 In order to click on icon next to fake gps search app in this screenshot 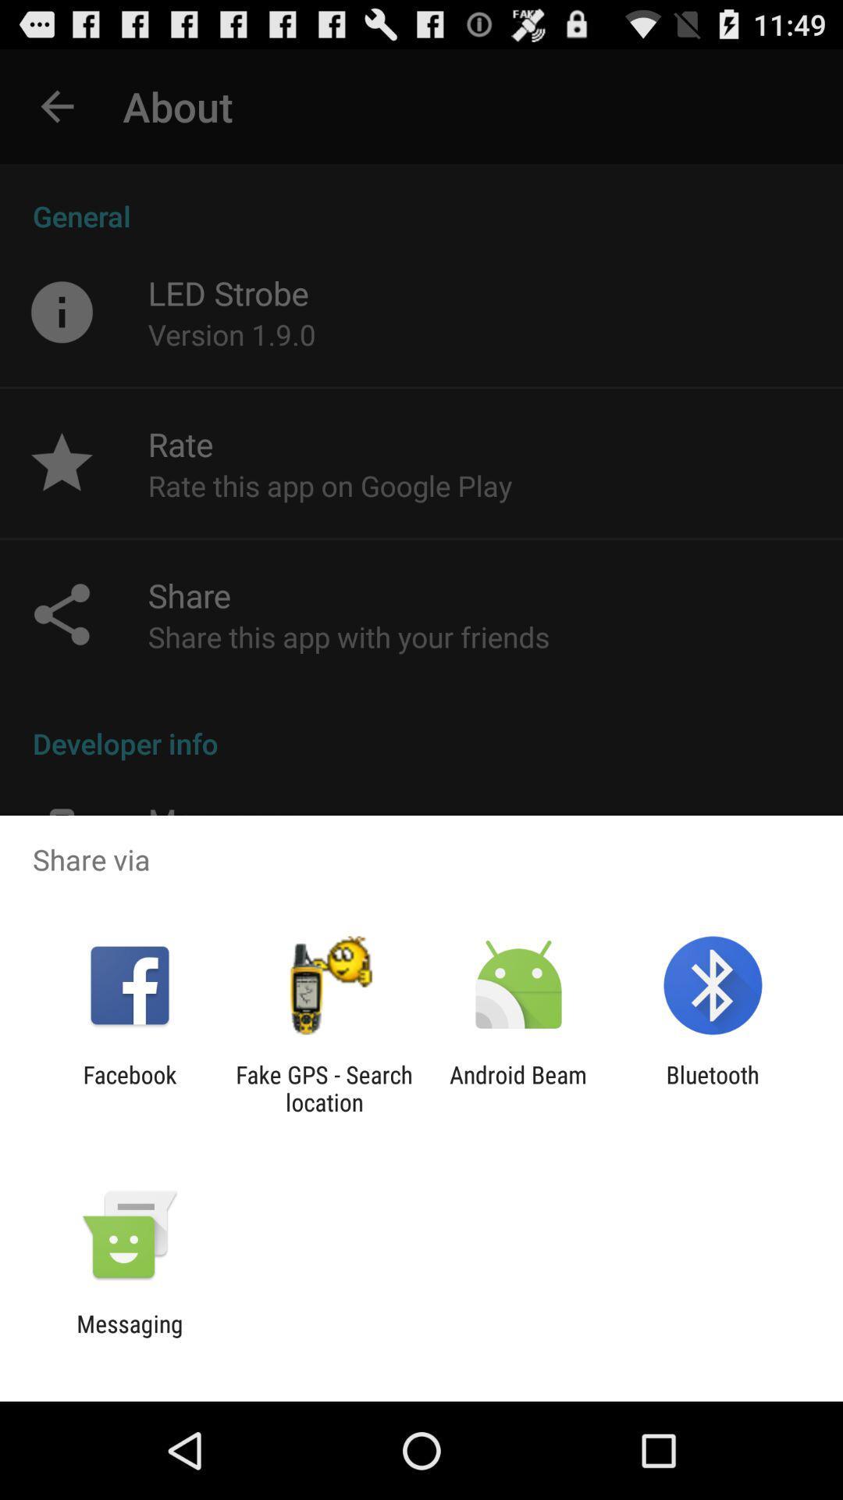, I will do `click(129, 1087)`.